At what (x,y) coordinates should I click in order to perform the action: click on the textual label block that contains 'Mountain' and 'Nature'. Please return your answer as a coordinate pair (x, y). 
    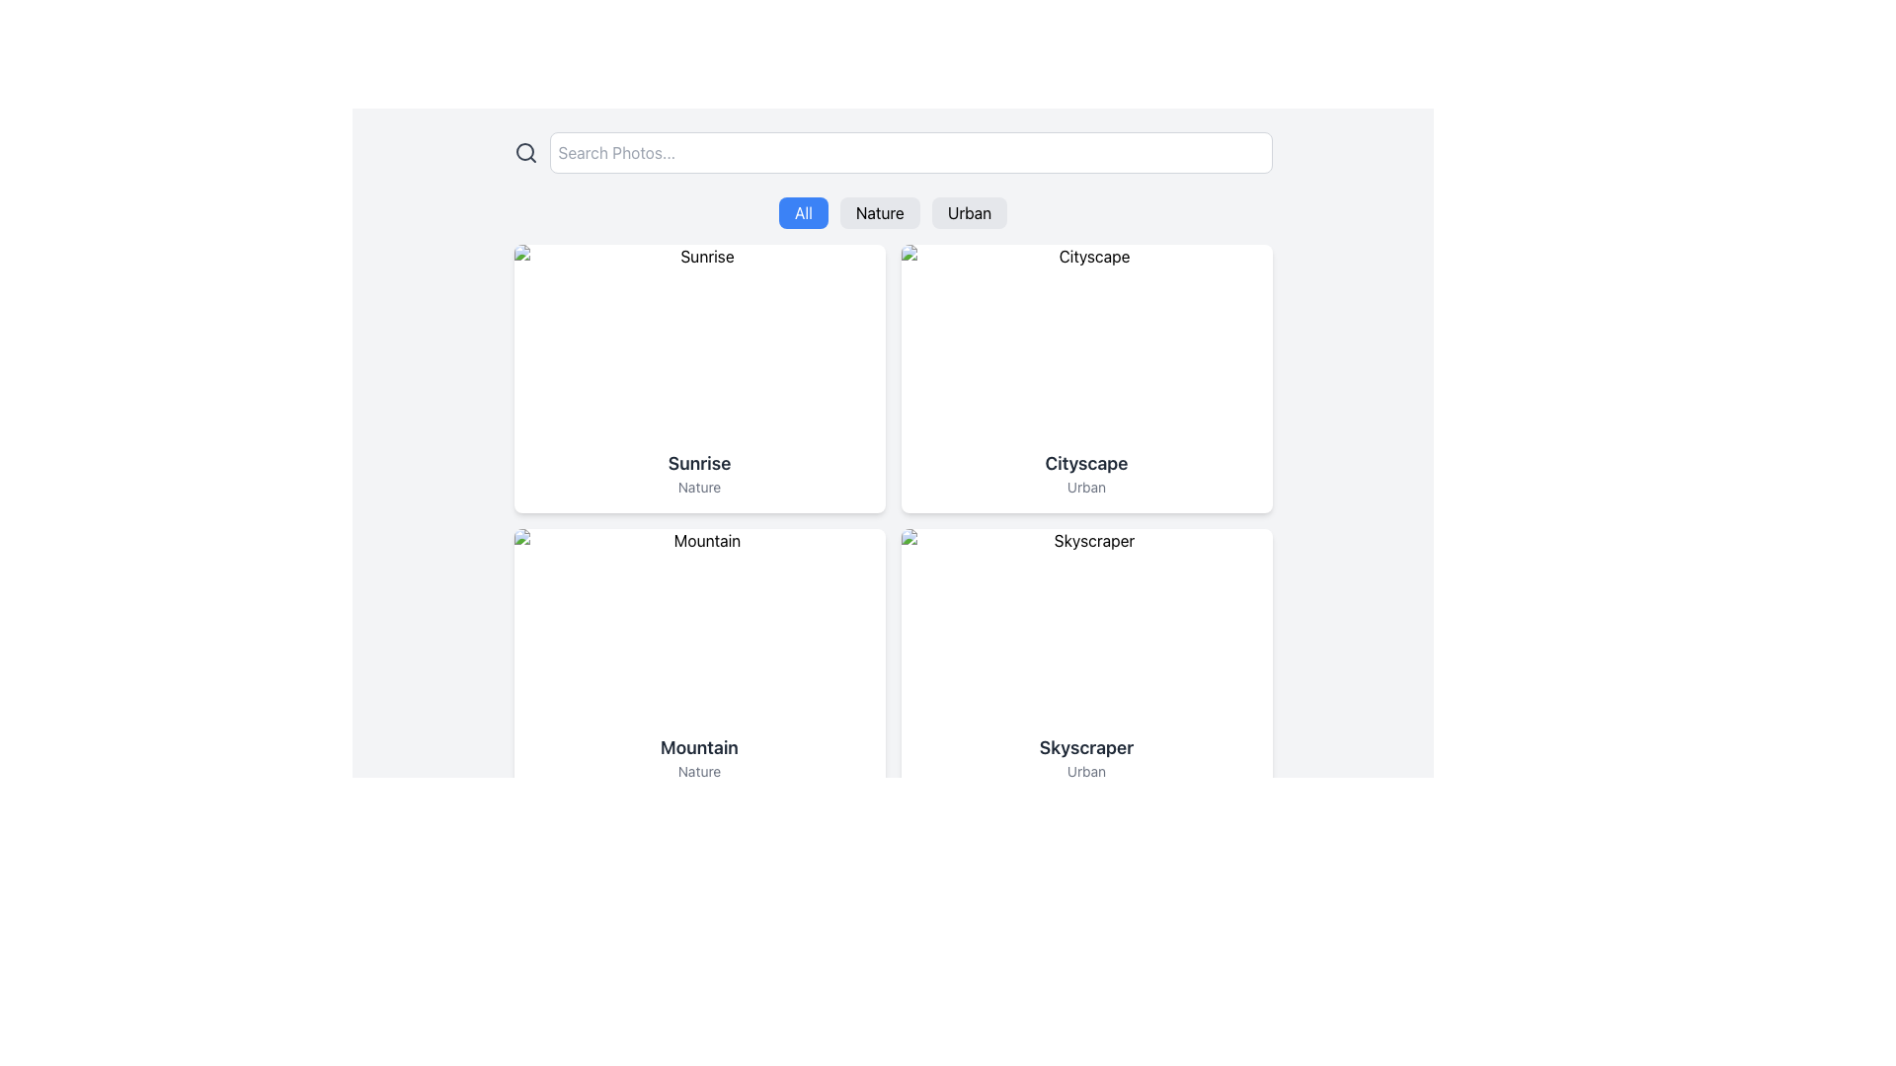
    Looking at the image, I should click on (699, 756).